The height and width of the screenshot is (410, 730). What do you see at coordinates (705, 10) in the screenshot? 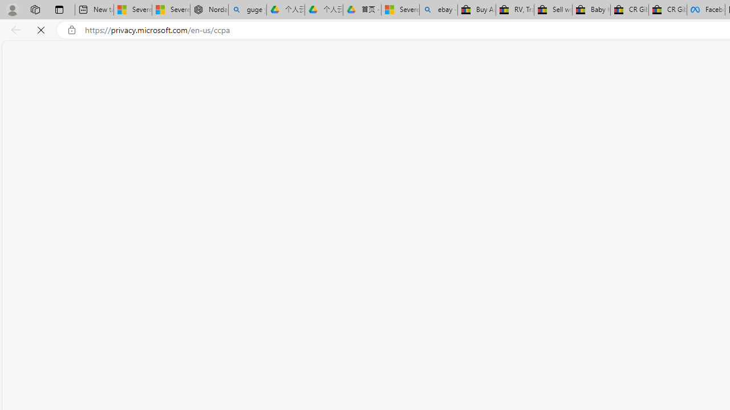
I see `'Facebook'` at bounding box center [705, 10].